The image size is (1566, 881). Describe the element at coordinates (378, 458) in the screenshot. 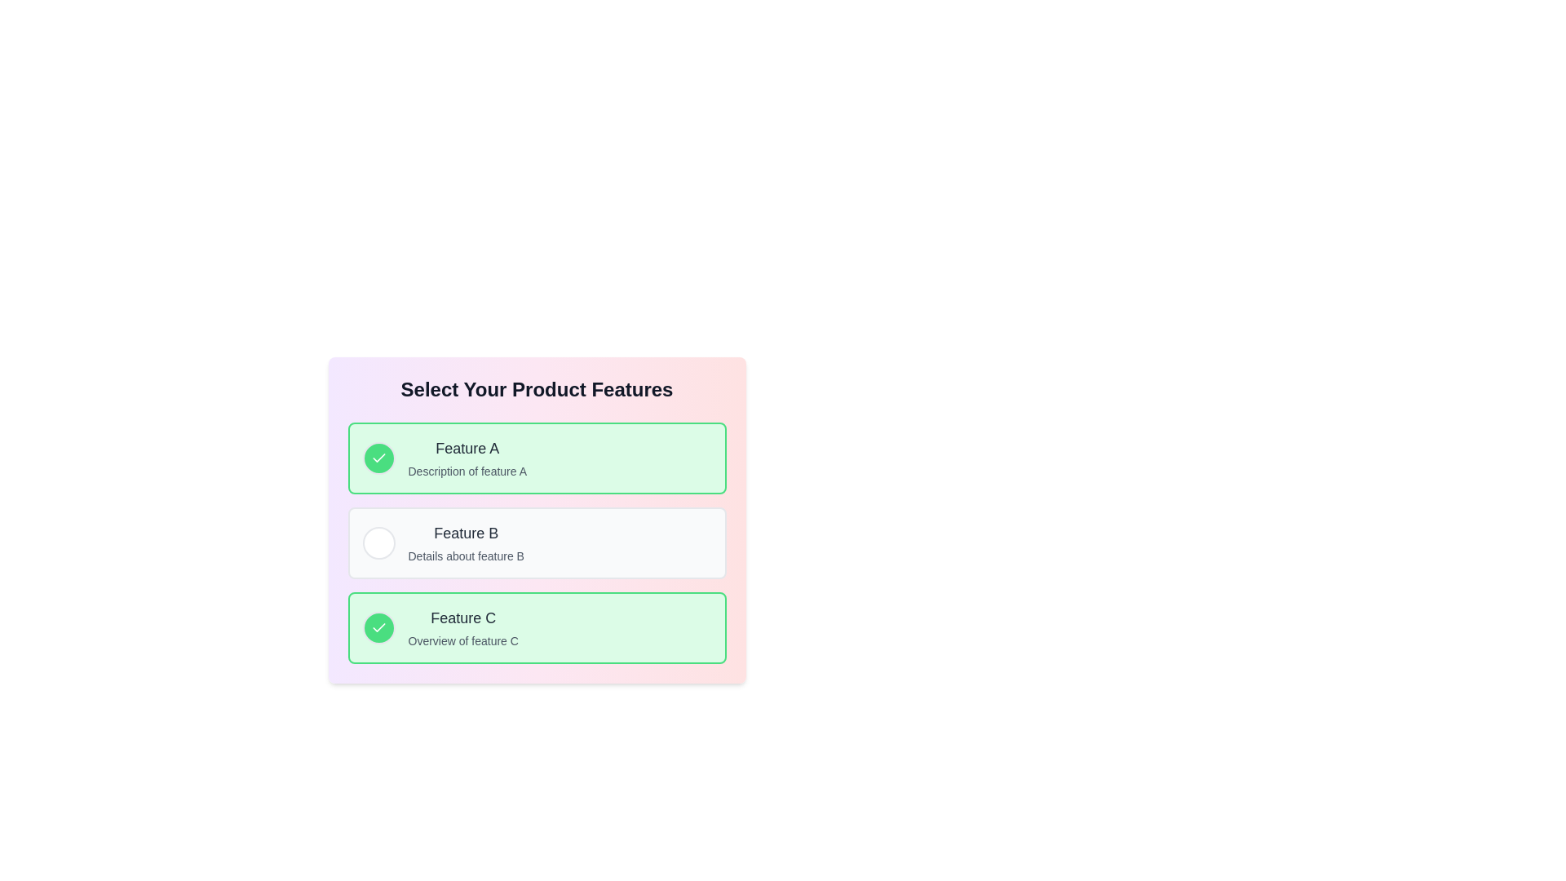

I see `the checkmark icon, which is a white checkmark located in the center of a green circular button within the rectangular area labeled 'Feature C'` at that location.